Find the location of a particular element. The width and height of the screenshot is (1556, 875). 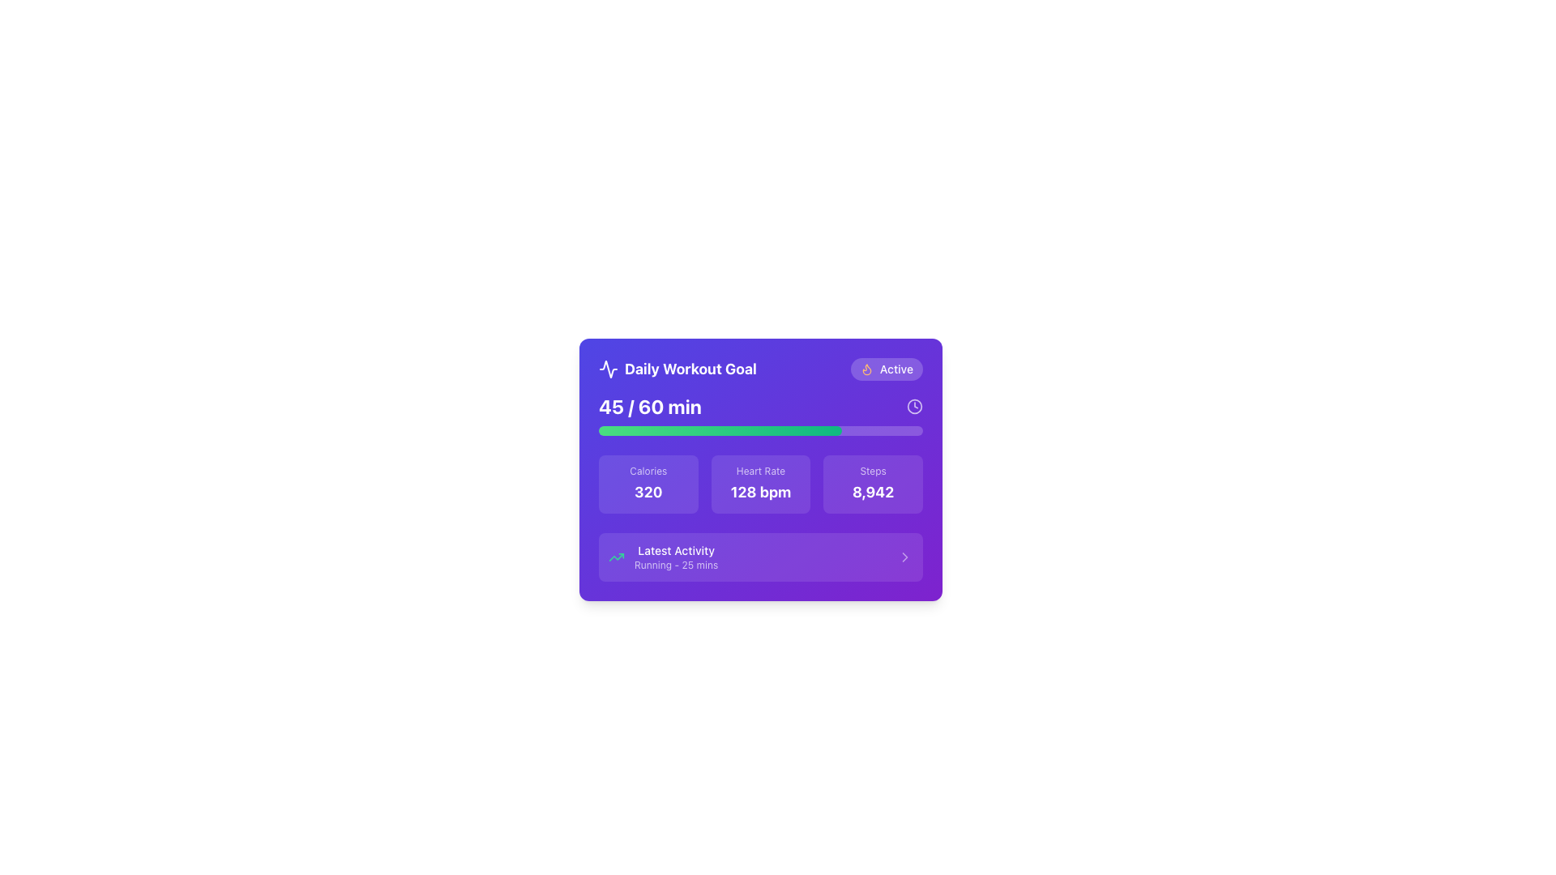

the activity icon located in the top-right section of the 'Daily Workout Goal' interface card, which is near the 'Active' label is located at coordinates (866, 369).